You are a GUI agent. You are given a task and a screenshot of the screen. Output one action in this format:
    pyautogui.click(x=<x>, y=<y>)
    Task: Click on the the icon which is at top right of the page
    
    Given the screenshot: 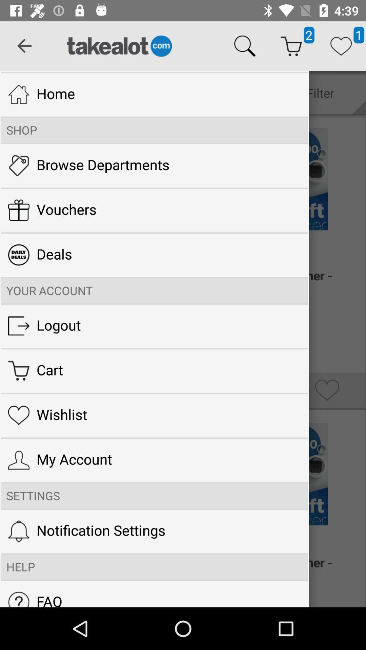 What is the action you would take?
    pyautogui.click(x=341, y=46)
    